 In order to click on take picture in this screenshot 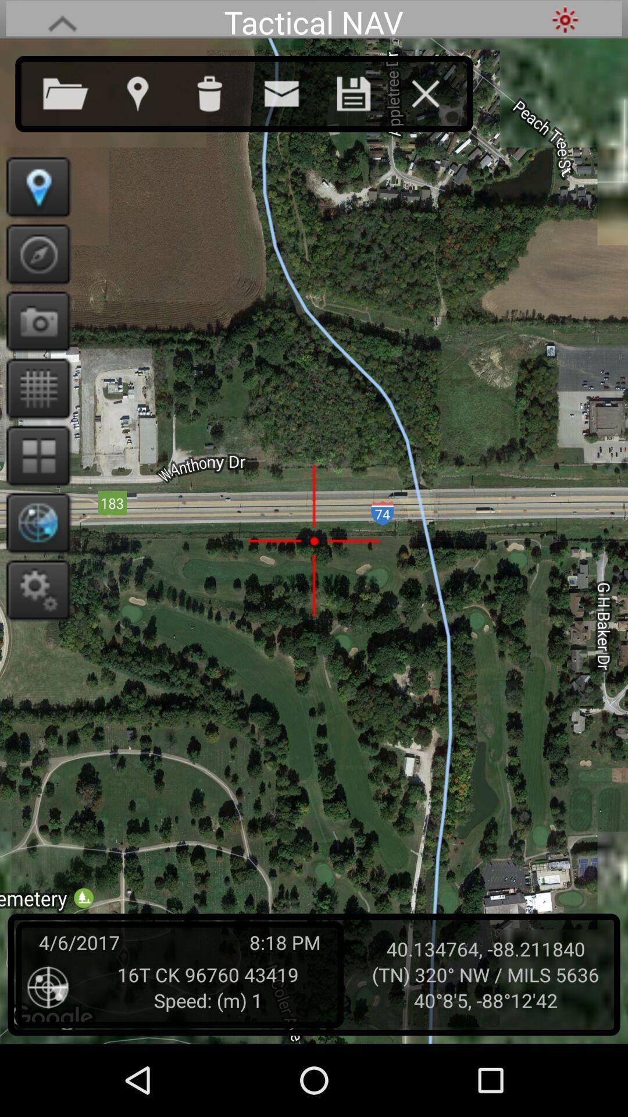, I will do `click(34, 321)`.